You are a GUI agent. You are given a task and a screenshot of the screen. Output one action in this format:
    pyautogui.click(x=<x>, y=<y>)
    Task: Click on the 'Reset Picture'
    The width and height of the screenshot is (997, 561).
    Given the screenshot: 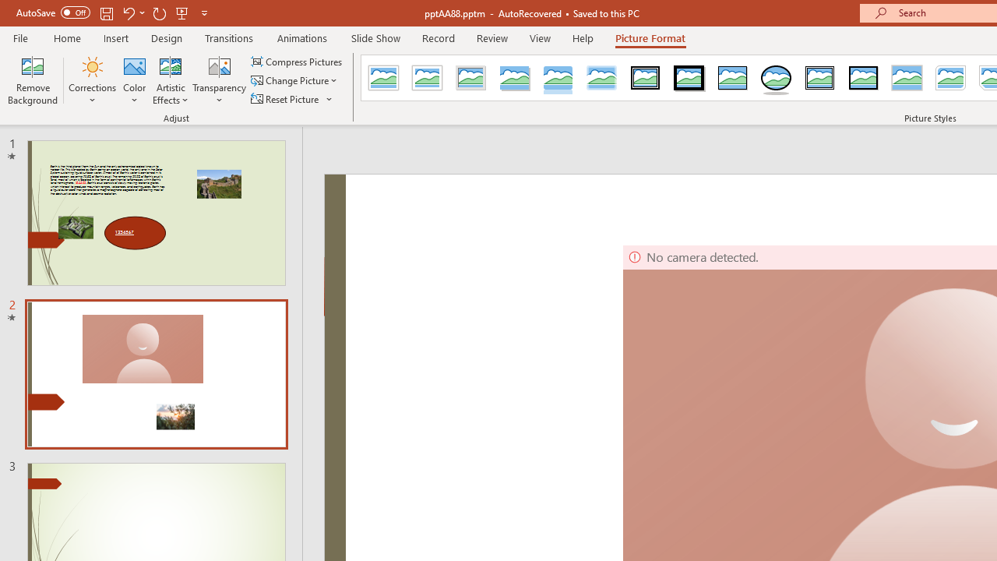 What is the action you would take?
    pyautogui.click(x=292, y=99)
    